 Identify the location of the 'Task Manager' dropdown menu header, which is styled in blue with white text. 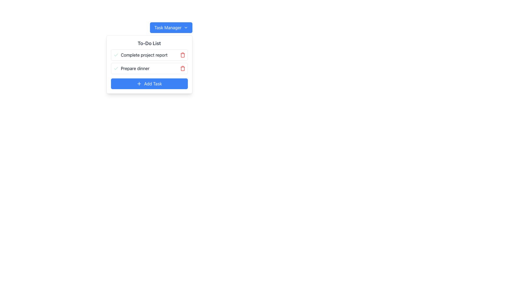
(171, 28).